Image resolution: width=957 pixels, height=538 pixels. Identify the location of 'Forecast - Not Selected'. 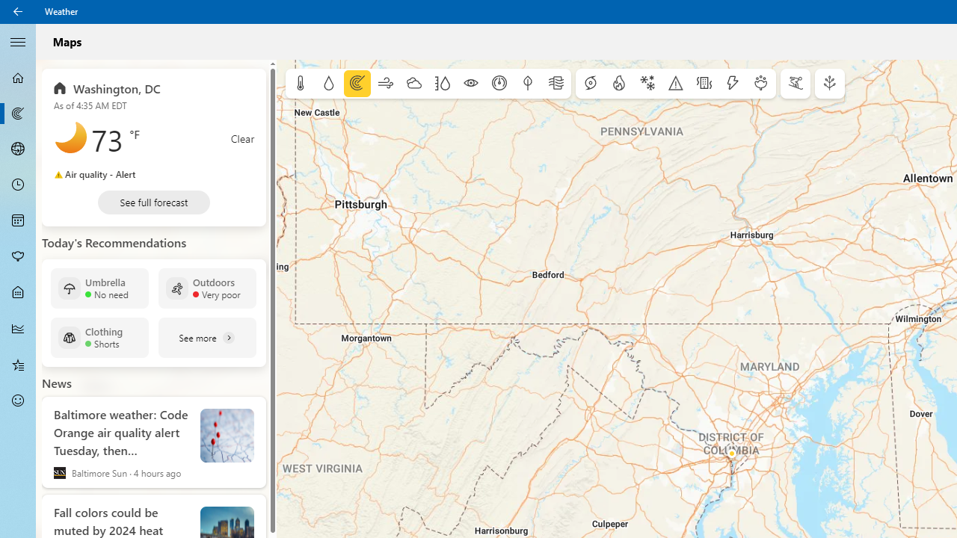
(18, 78).